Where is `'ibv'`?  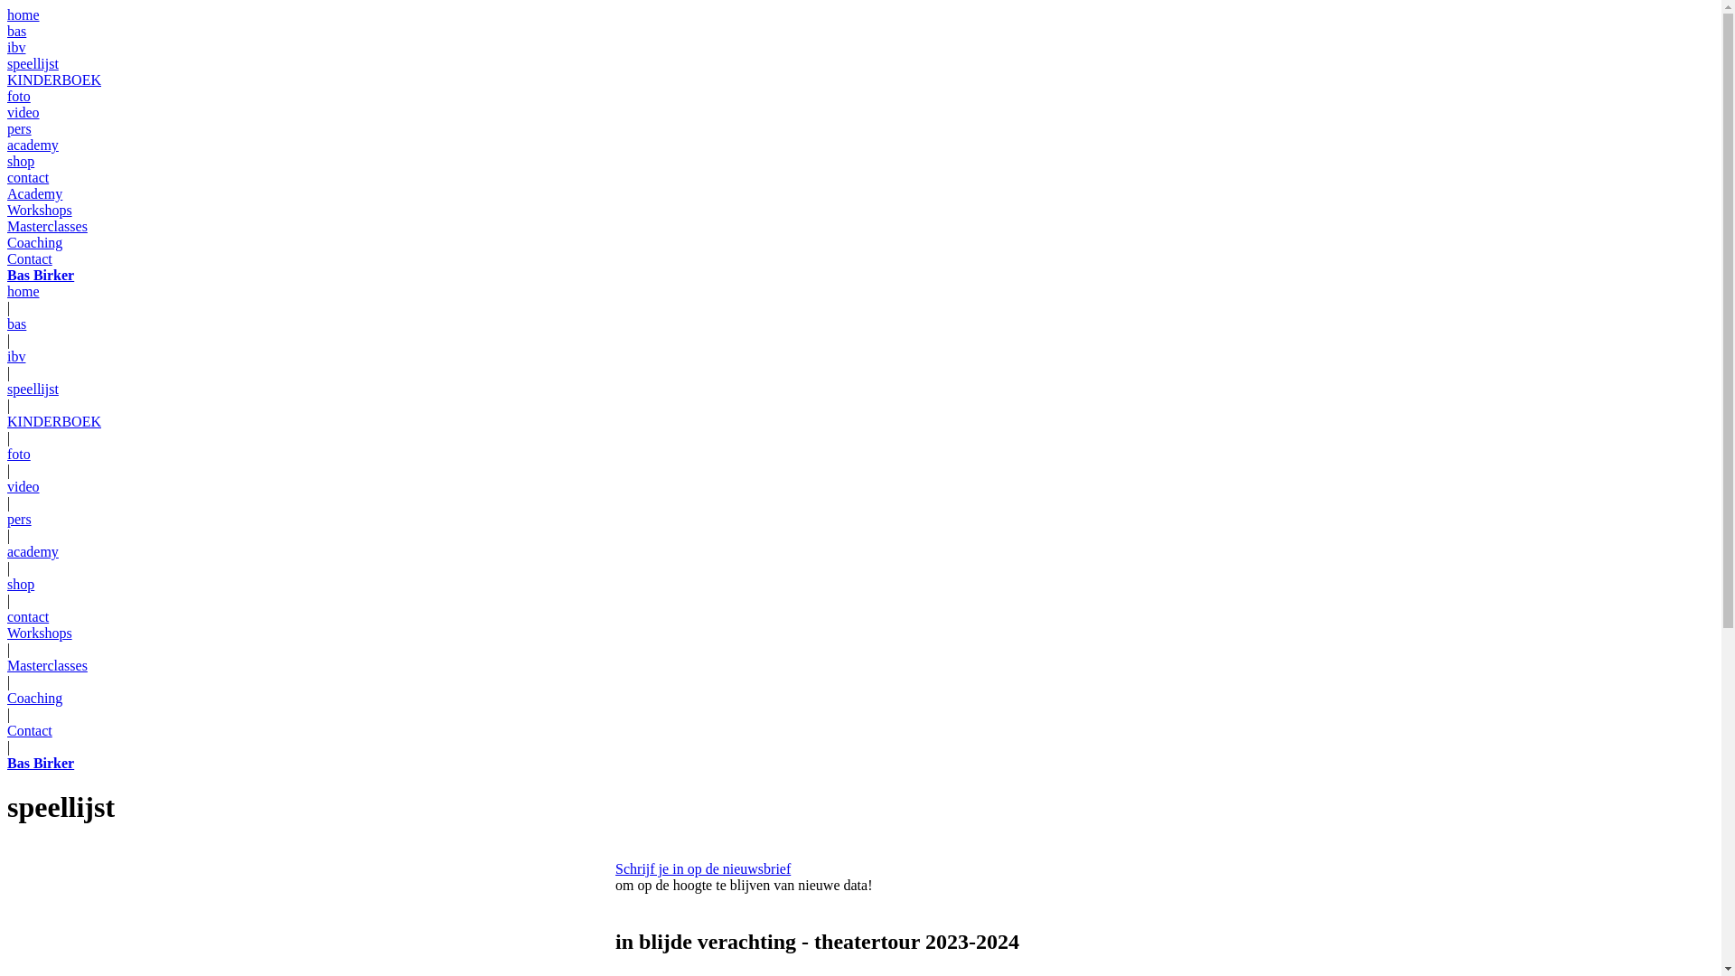 'ibv' is located at coordinates (16, 356).